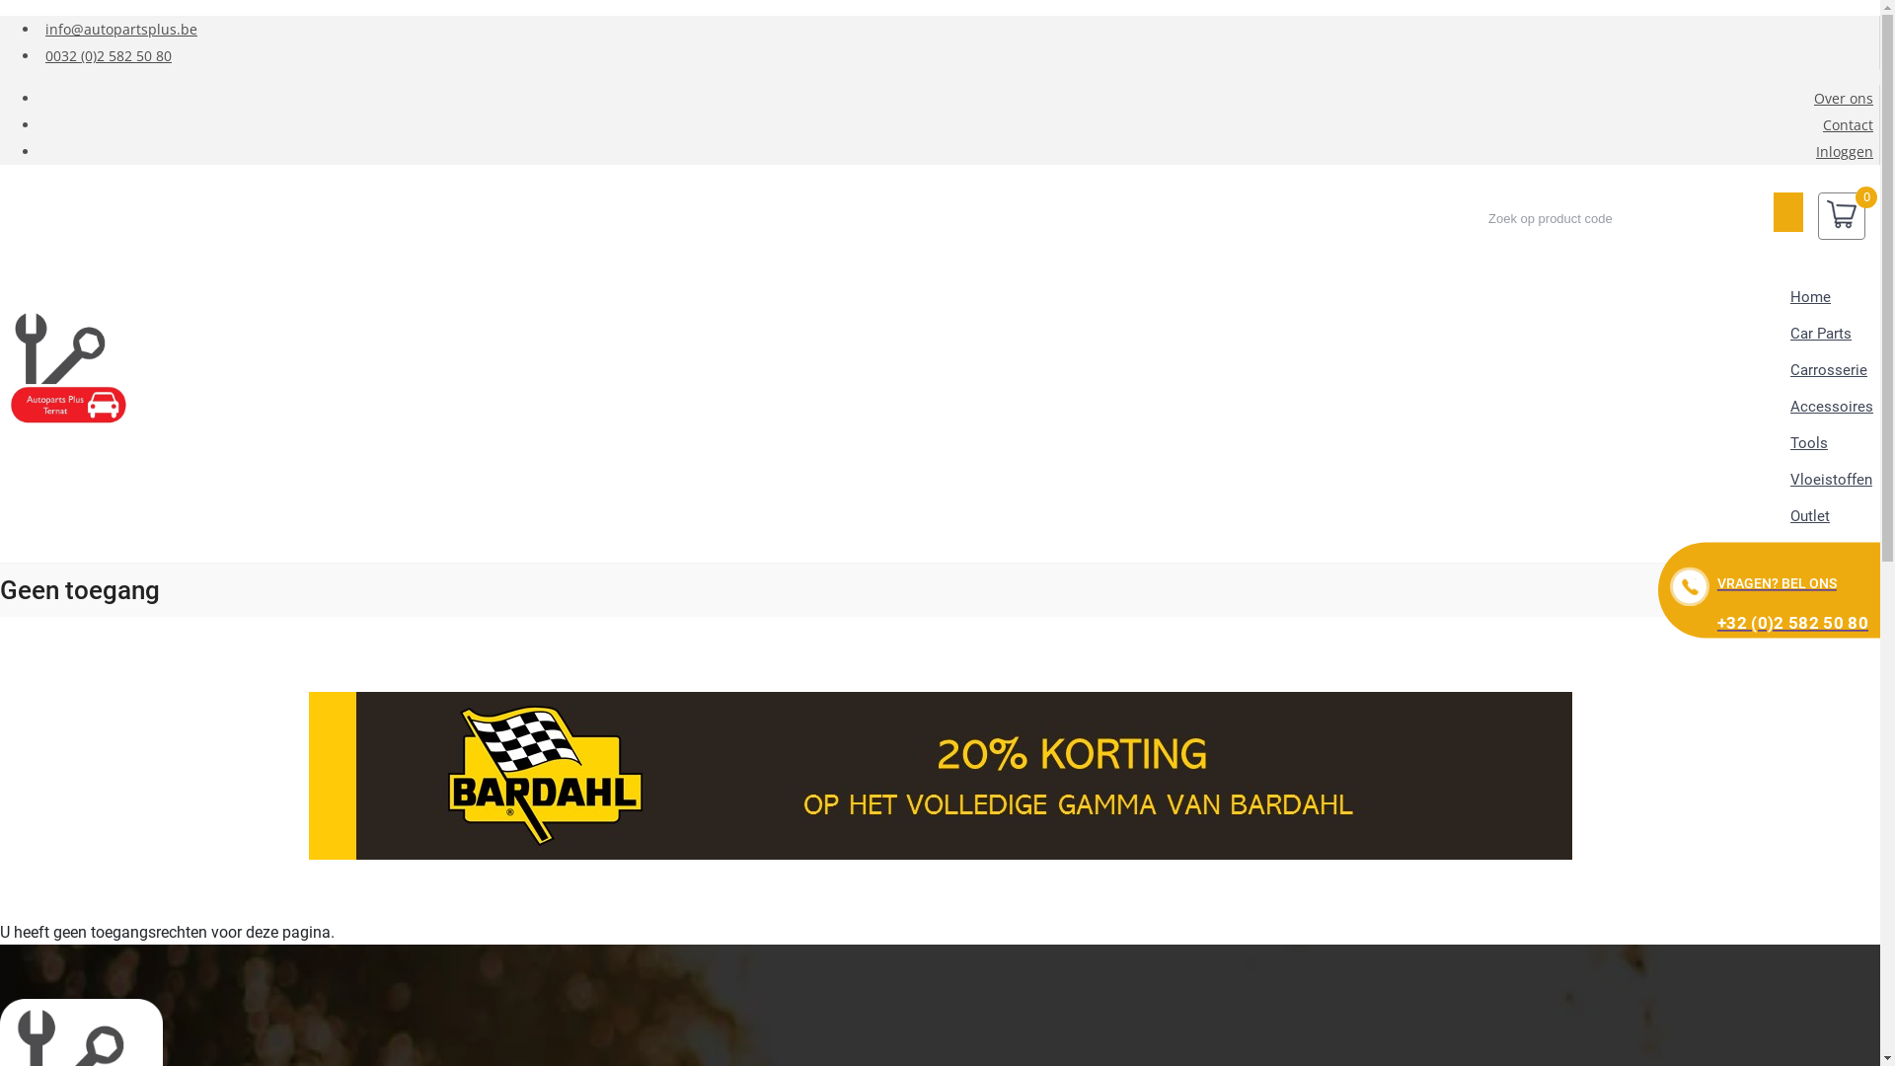  I want to click on 'Car Parts', so click(1819, 333).